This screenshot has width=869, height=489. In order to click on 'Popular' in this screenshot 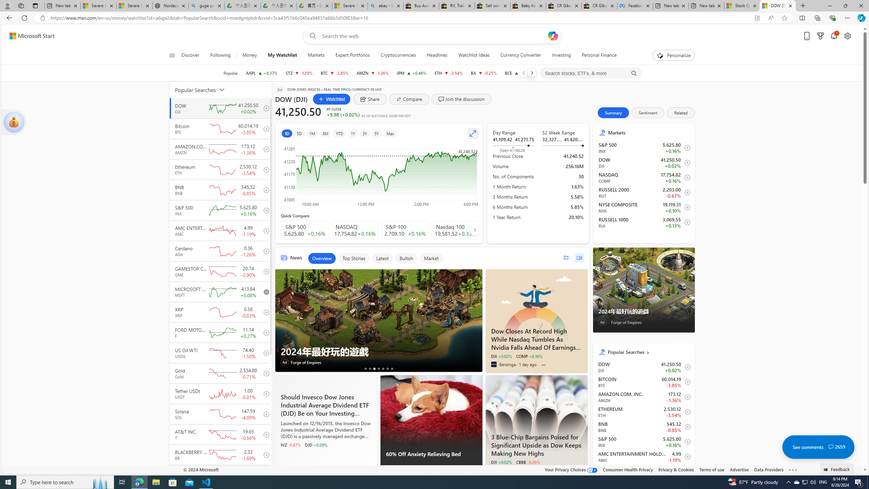, I will do `click(230, 73)`.